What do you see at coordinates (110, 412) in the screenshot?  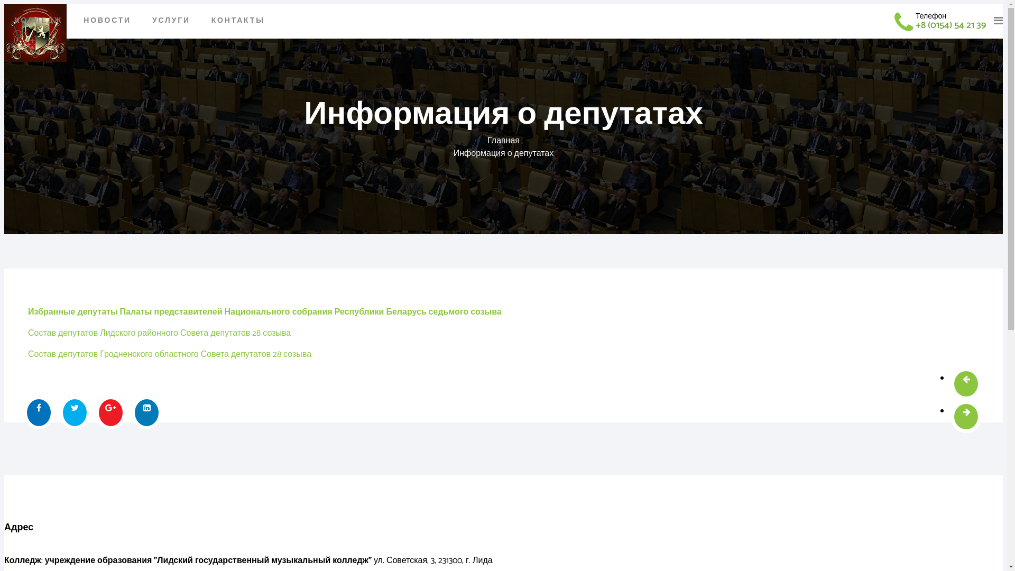 I see `'Share On Google Plus'` at bounding box center [110, 412].